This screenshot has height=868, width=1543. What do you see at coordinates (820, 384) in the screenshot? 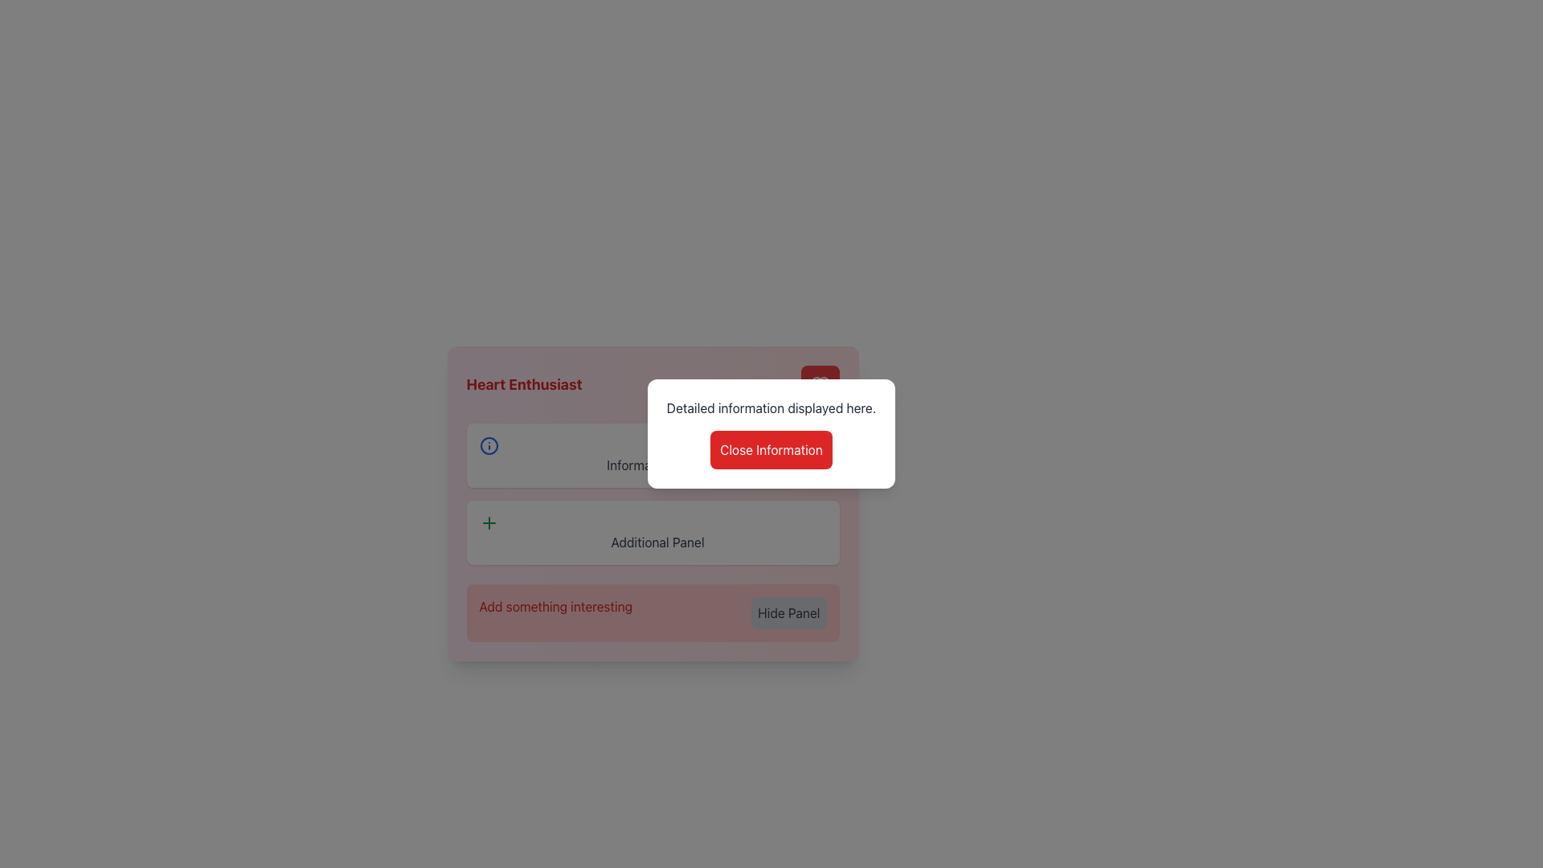
I see `the heart-shaped icon, which is outlined in white and located within a red circular button at the top-right corner of the modal dialog` at bounding box center [820, 384].